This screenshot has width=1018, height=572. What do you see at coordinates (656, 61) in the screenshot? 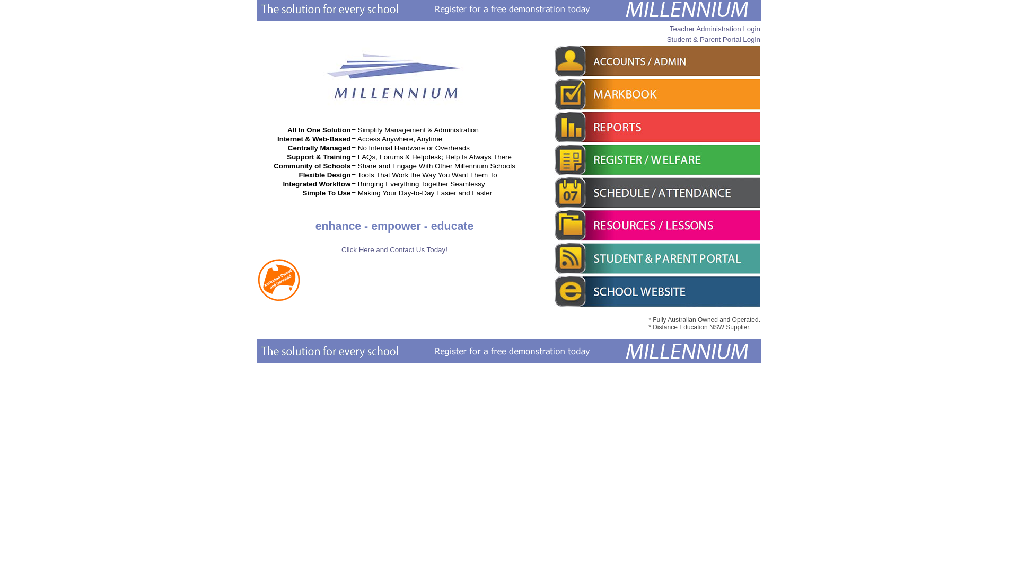
I see `'Accounts & Users'` at bounding box center [656, 61].